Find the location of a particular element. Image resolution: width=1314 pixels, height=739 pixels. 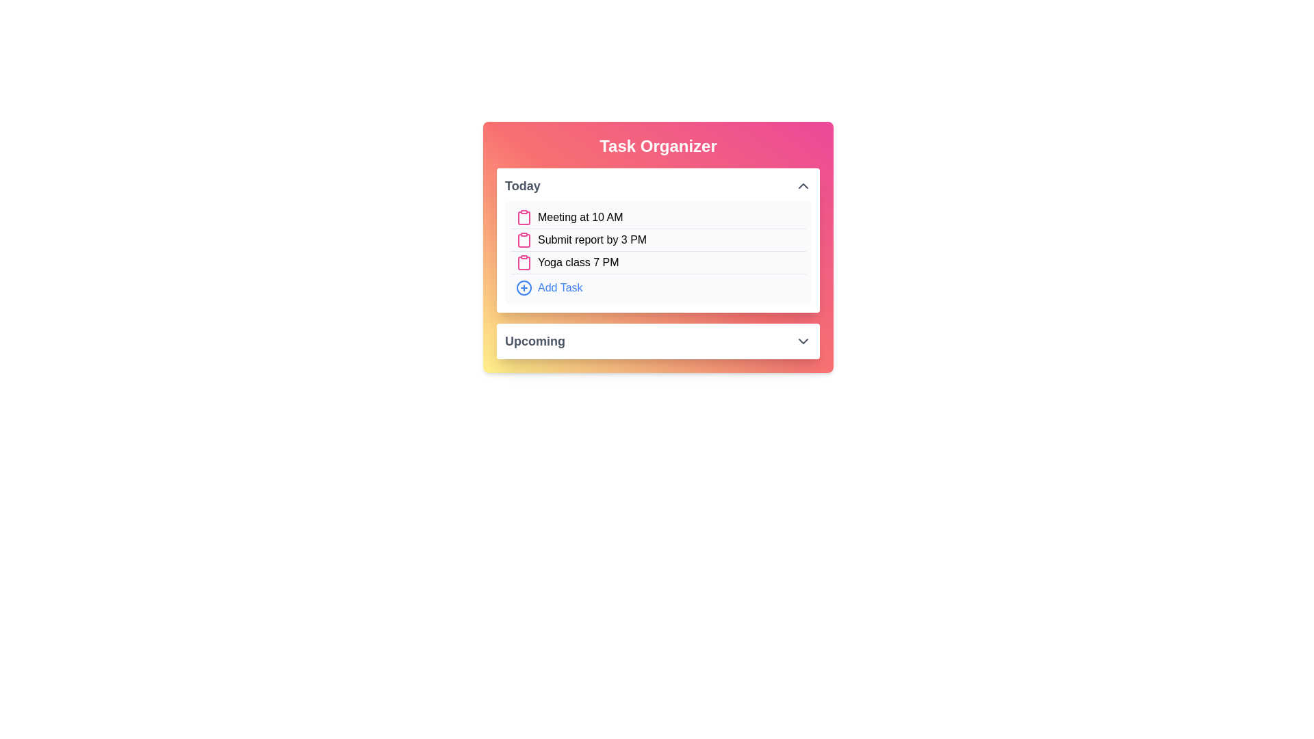

the clipboard icon in the 'Today' section of the 'Task Organizer' card interface is located at coordinates (524, 239).